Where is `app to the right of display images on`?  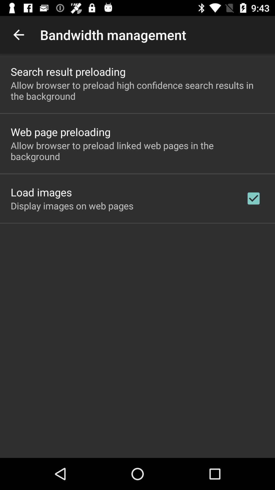
app to the right of display images on is located at coordinates (253, 198).